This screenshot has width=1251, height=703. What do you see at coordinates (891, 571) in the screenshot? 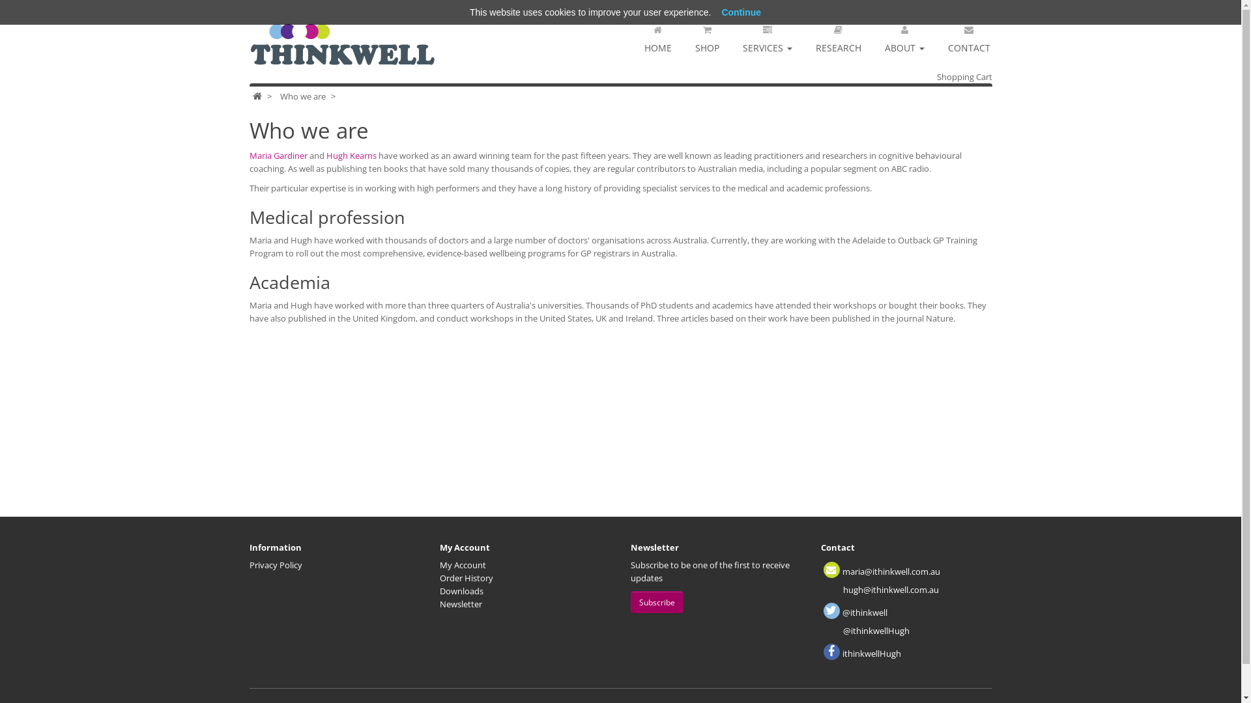
I see `'maria@ithinkwell.com.au'` at bounding box center [891, 571].